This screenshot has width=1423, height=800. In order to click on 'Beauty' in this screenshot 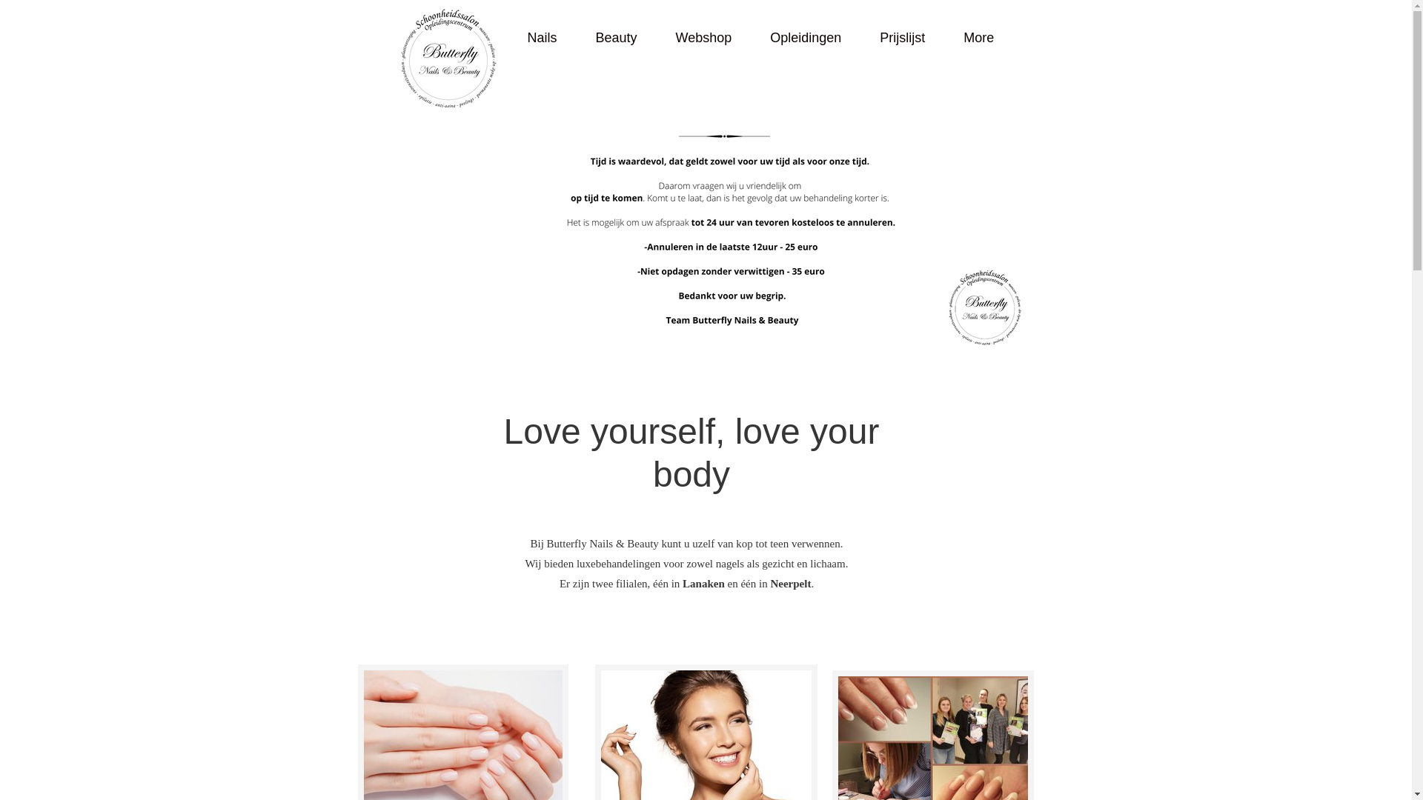, I will do `click(616, 36)`.